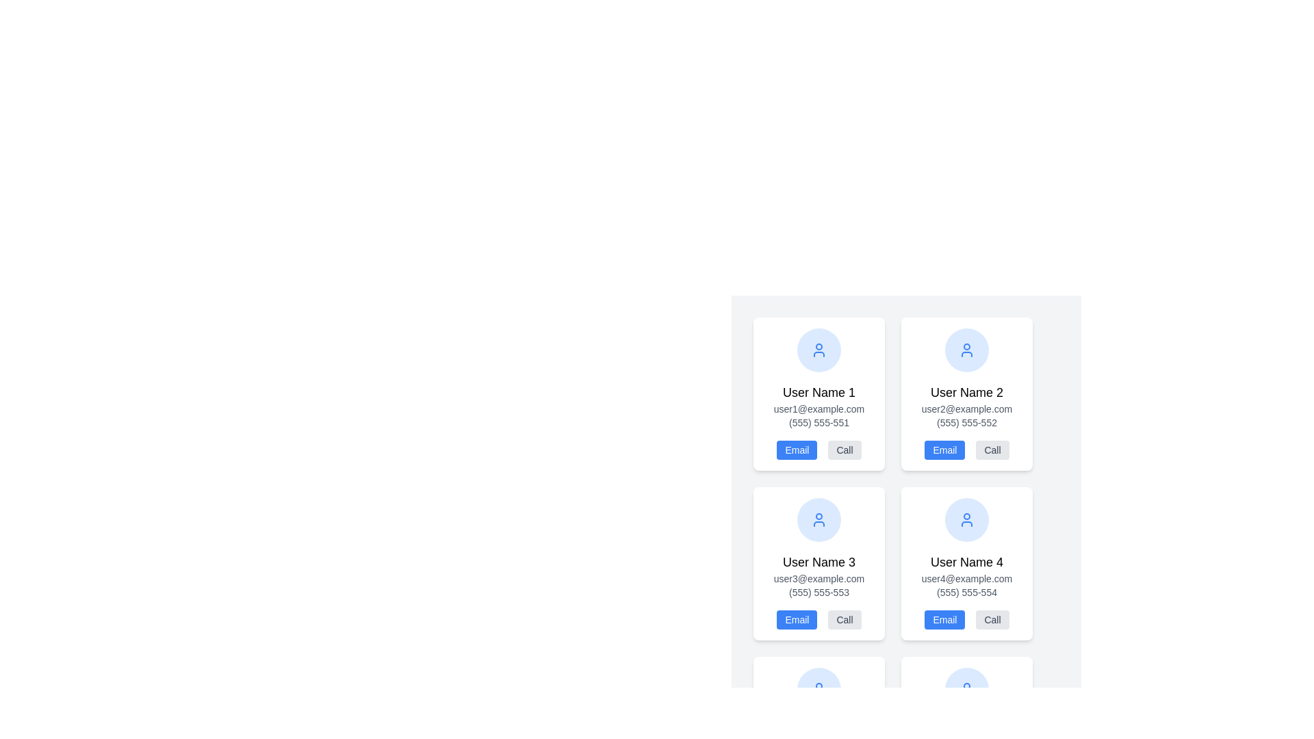  What do you see at coordinates (966, 562) in the screenshot?
I see `the Text label that displays the user's name in the fourth card of the grid layout, which is centrally located below the icon and above the email text` at bounding box center [966, 562].